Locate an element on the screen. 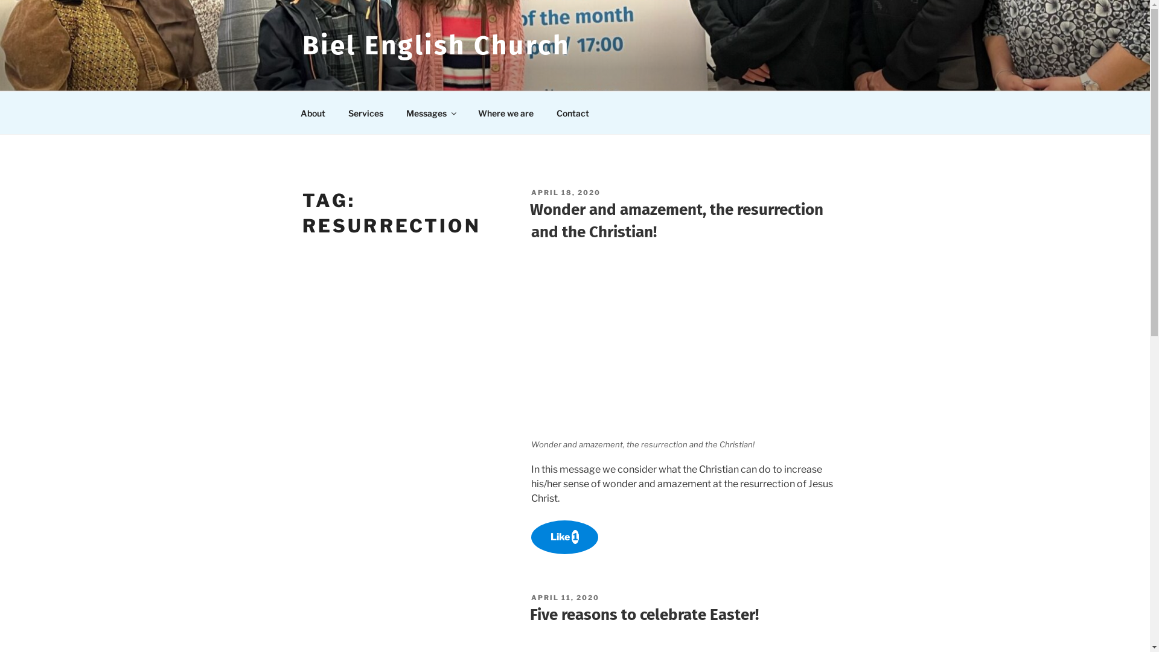  'Where we are' is located at coordinates (505, 112).